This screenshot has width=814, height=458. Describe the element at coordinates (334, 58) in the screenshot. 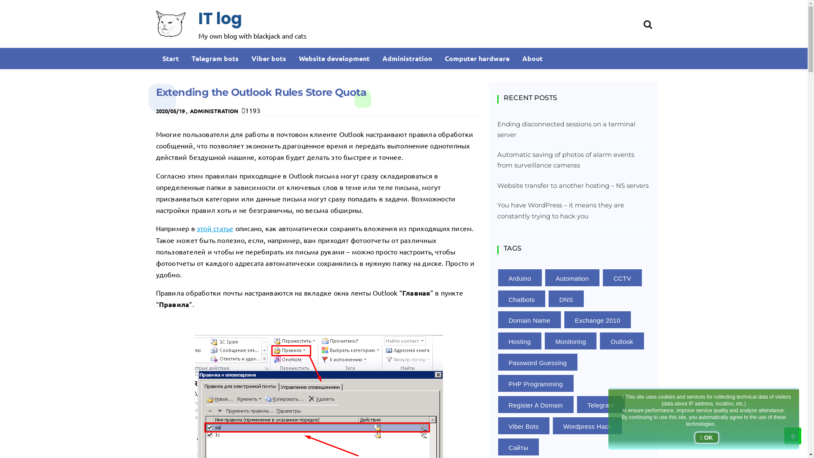

I see `'Website development'` at that location.